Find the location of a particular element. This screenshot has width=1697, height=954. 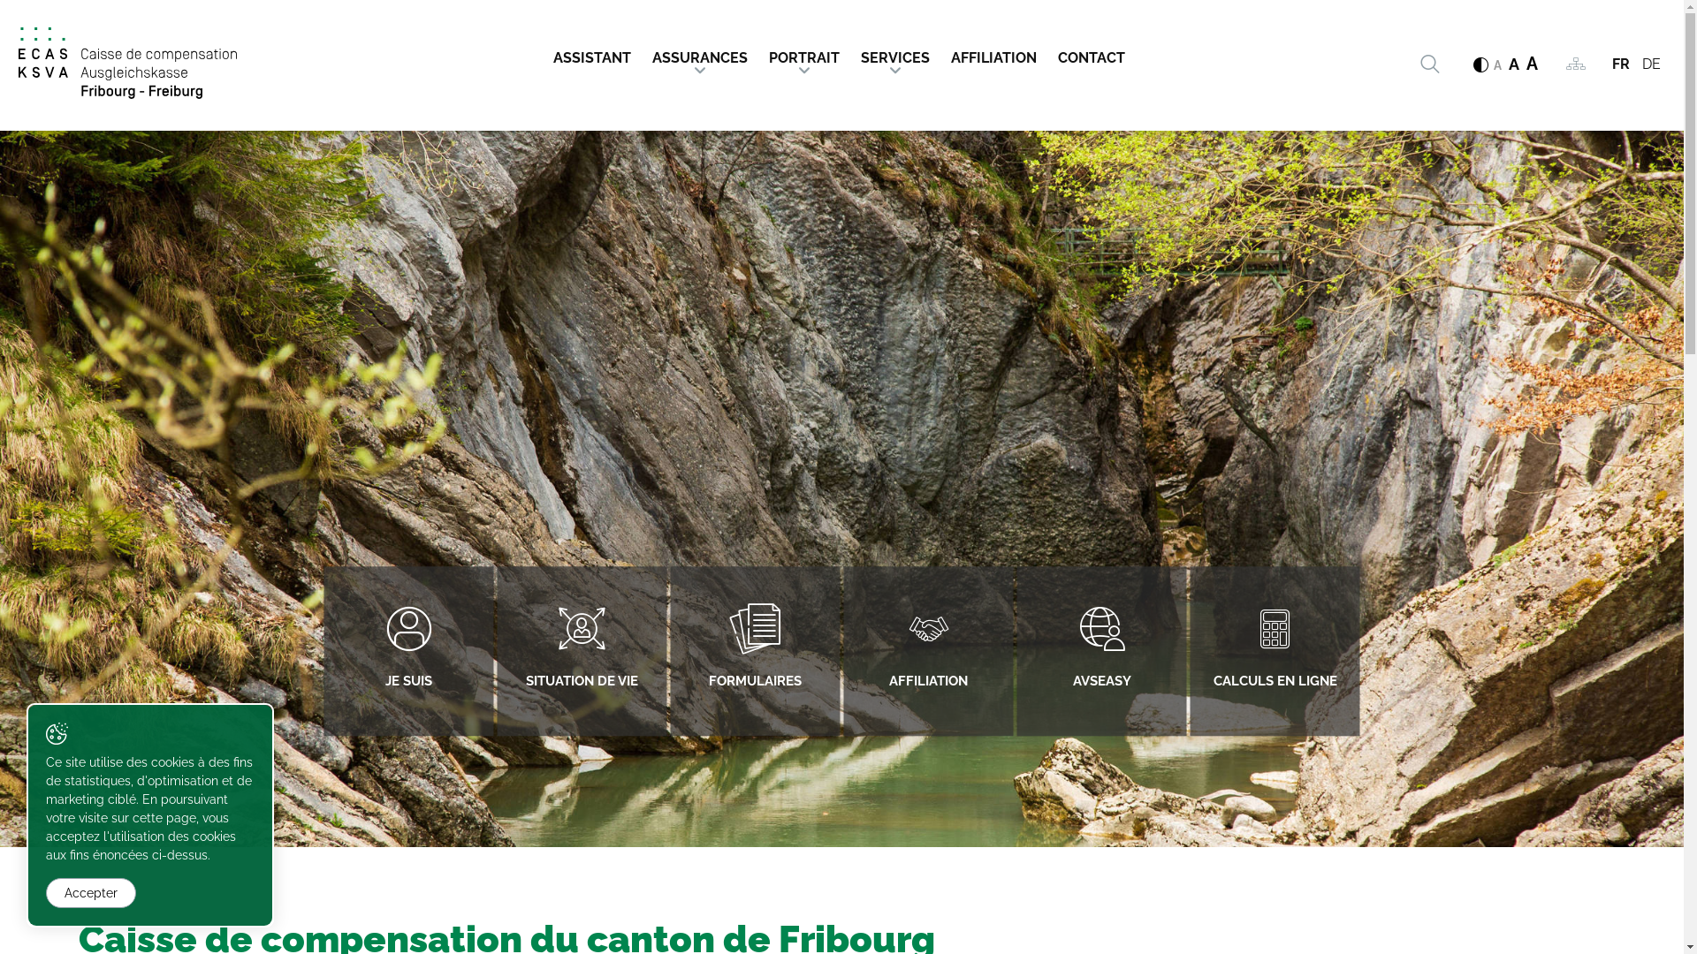

'AVSEASY' is located at coordinates (1100, 651).